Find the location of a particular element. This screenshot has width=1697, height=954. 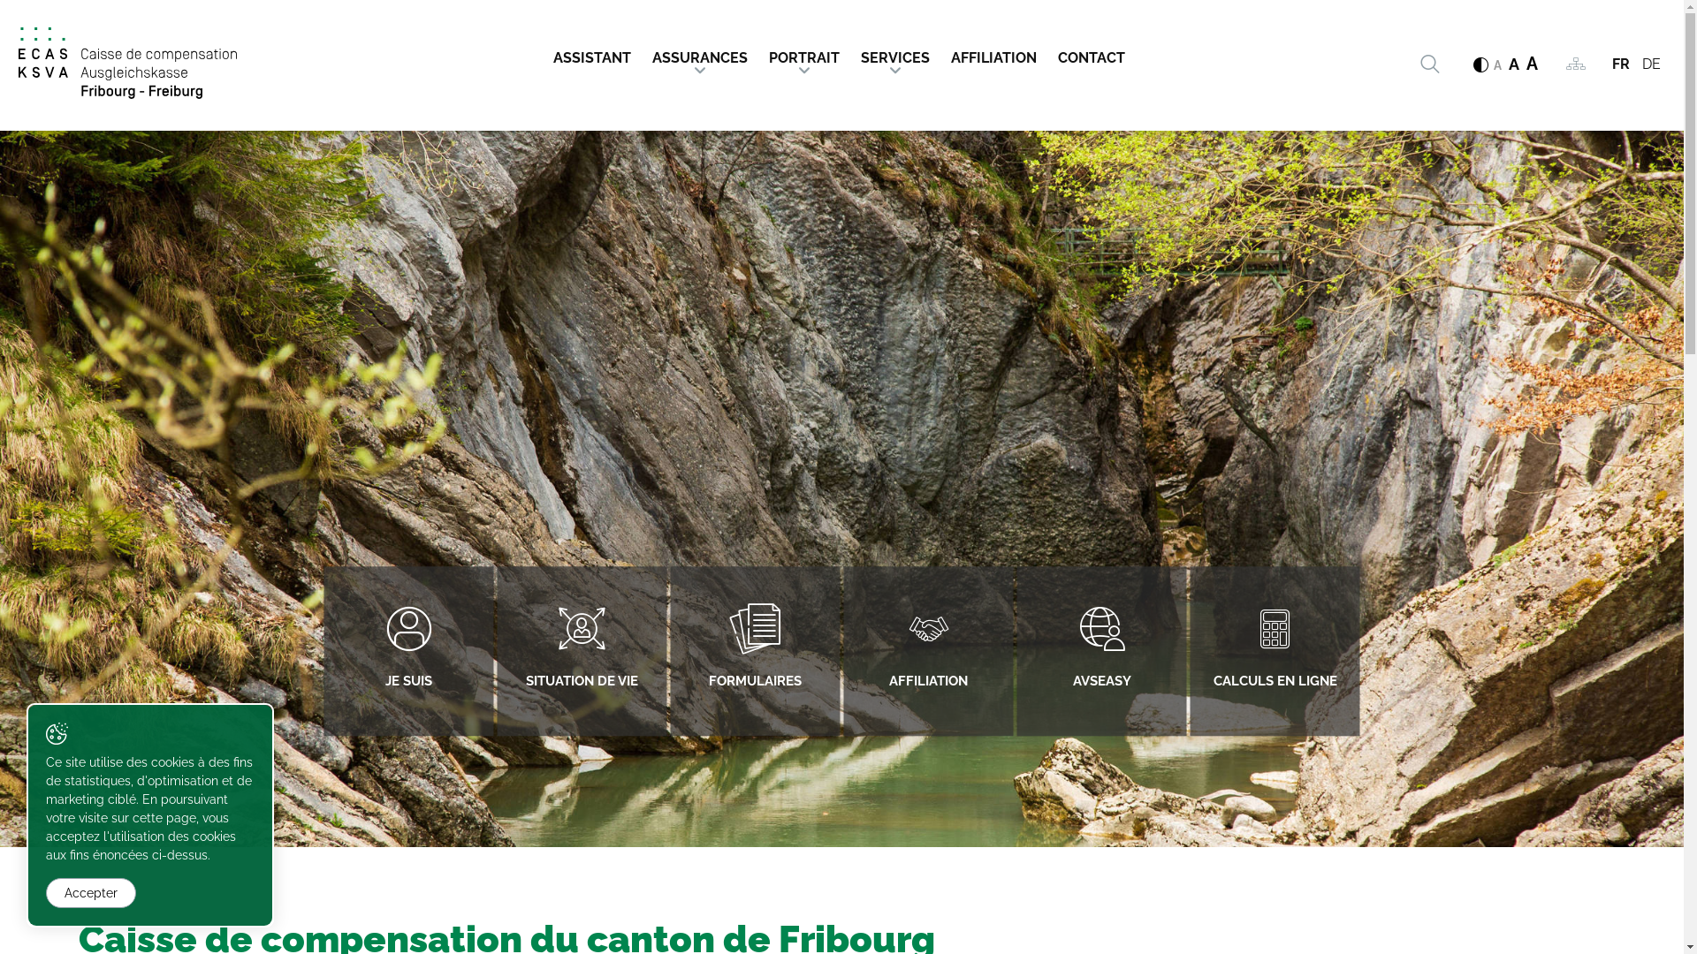

'AVSEASY' is located at coordinates (1100, 651).